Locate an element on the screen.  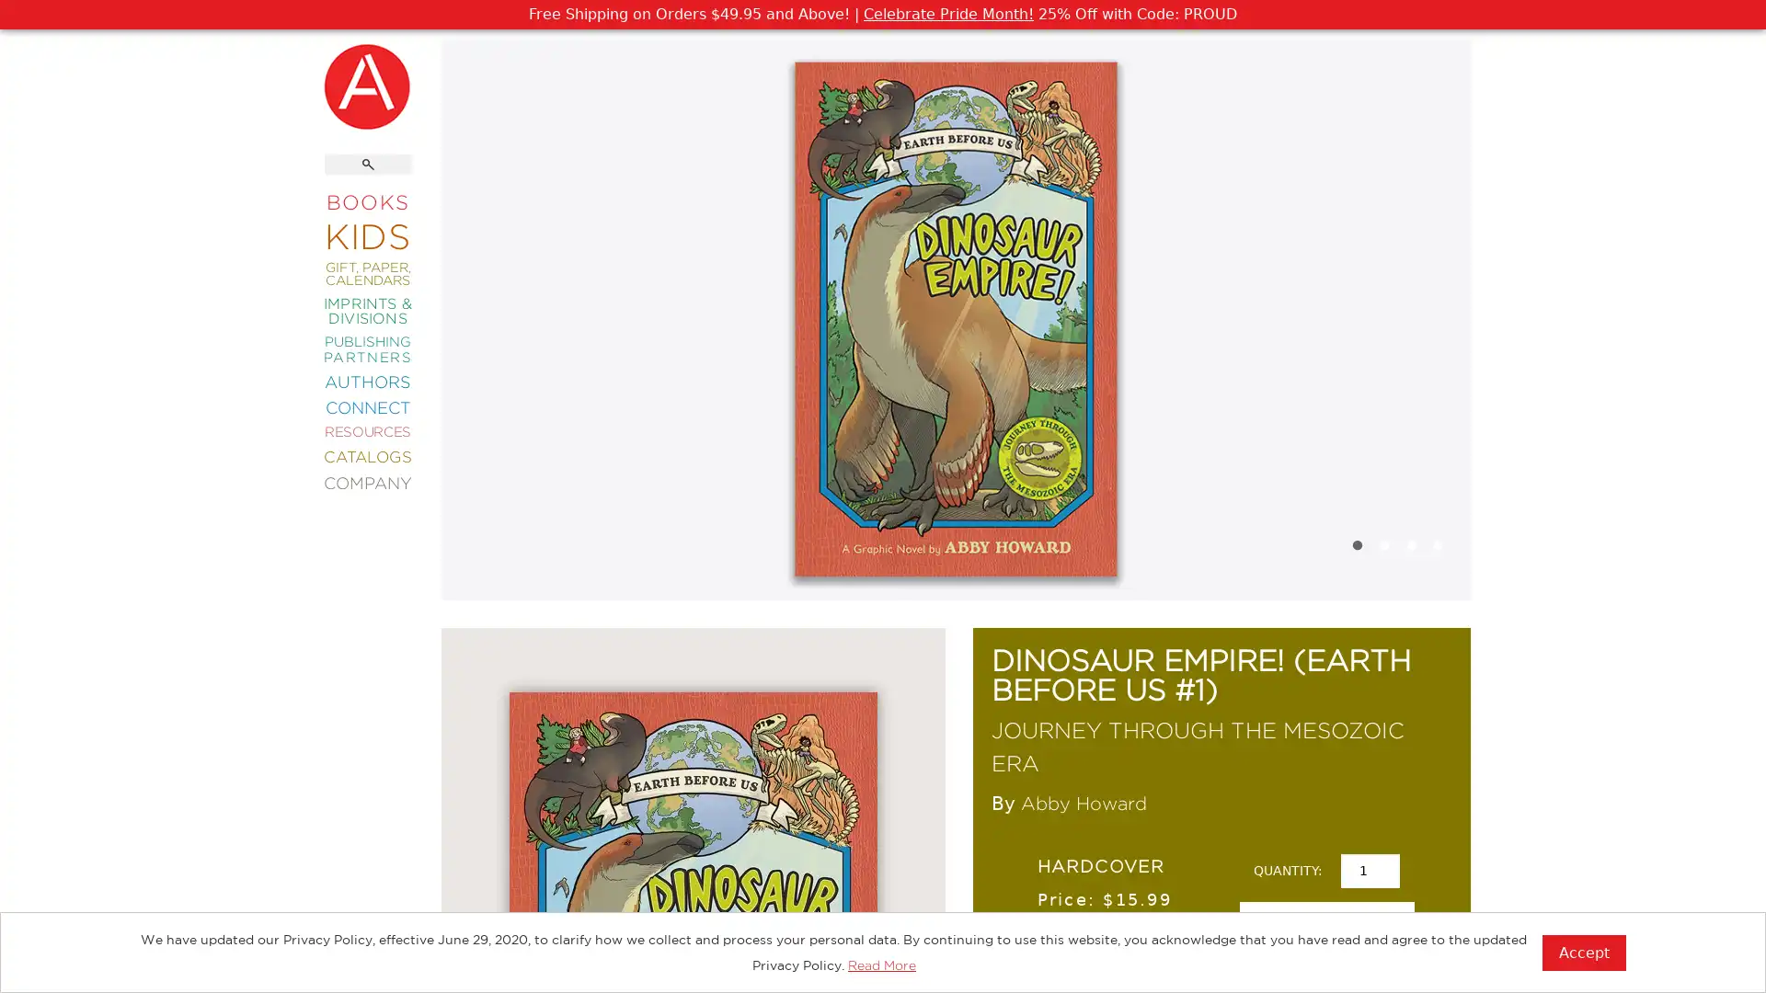
IMPRINTS & DIVISIONS is located at coordinates (367, 309).